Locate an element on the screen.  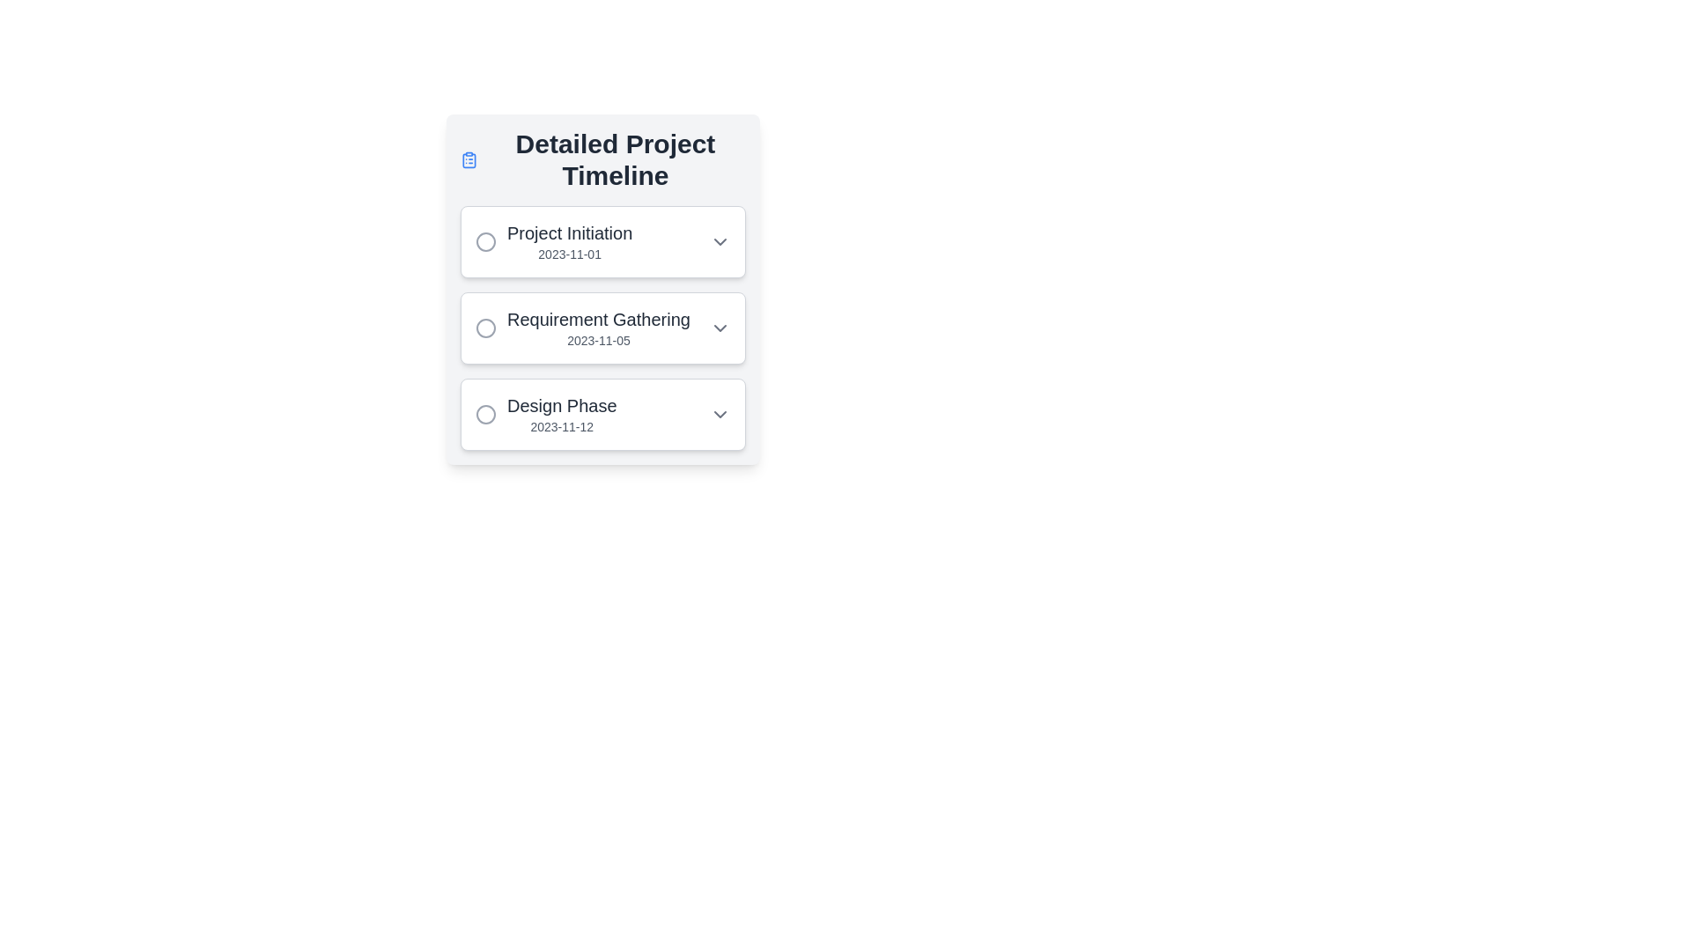
the SVG circle element that indicates the 'Design Phase' in the project timeline is located at coordinates (486, 414).